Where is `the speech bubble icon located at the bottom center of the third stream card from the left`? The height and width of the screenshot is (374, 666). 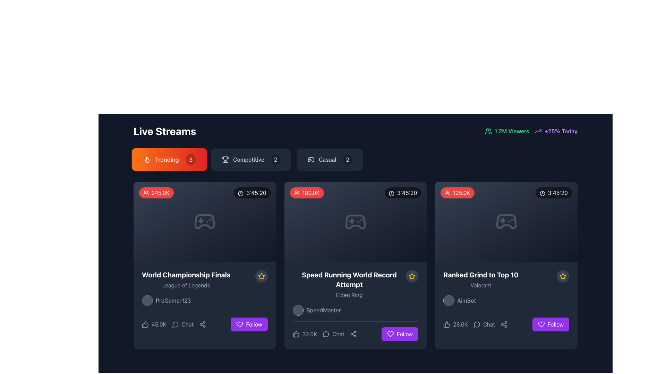 the speech bubble icon located at the bottom center of the third stream card from the left is located at coordinates (476, 324).